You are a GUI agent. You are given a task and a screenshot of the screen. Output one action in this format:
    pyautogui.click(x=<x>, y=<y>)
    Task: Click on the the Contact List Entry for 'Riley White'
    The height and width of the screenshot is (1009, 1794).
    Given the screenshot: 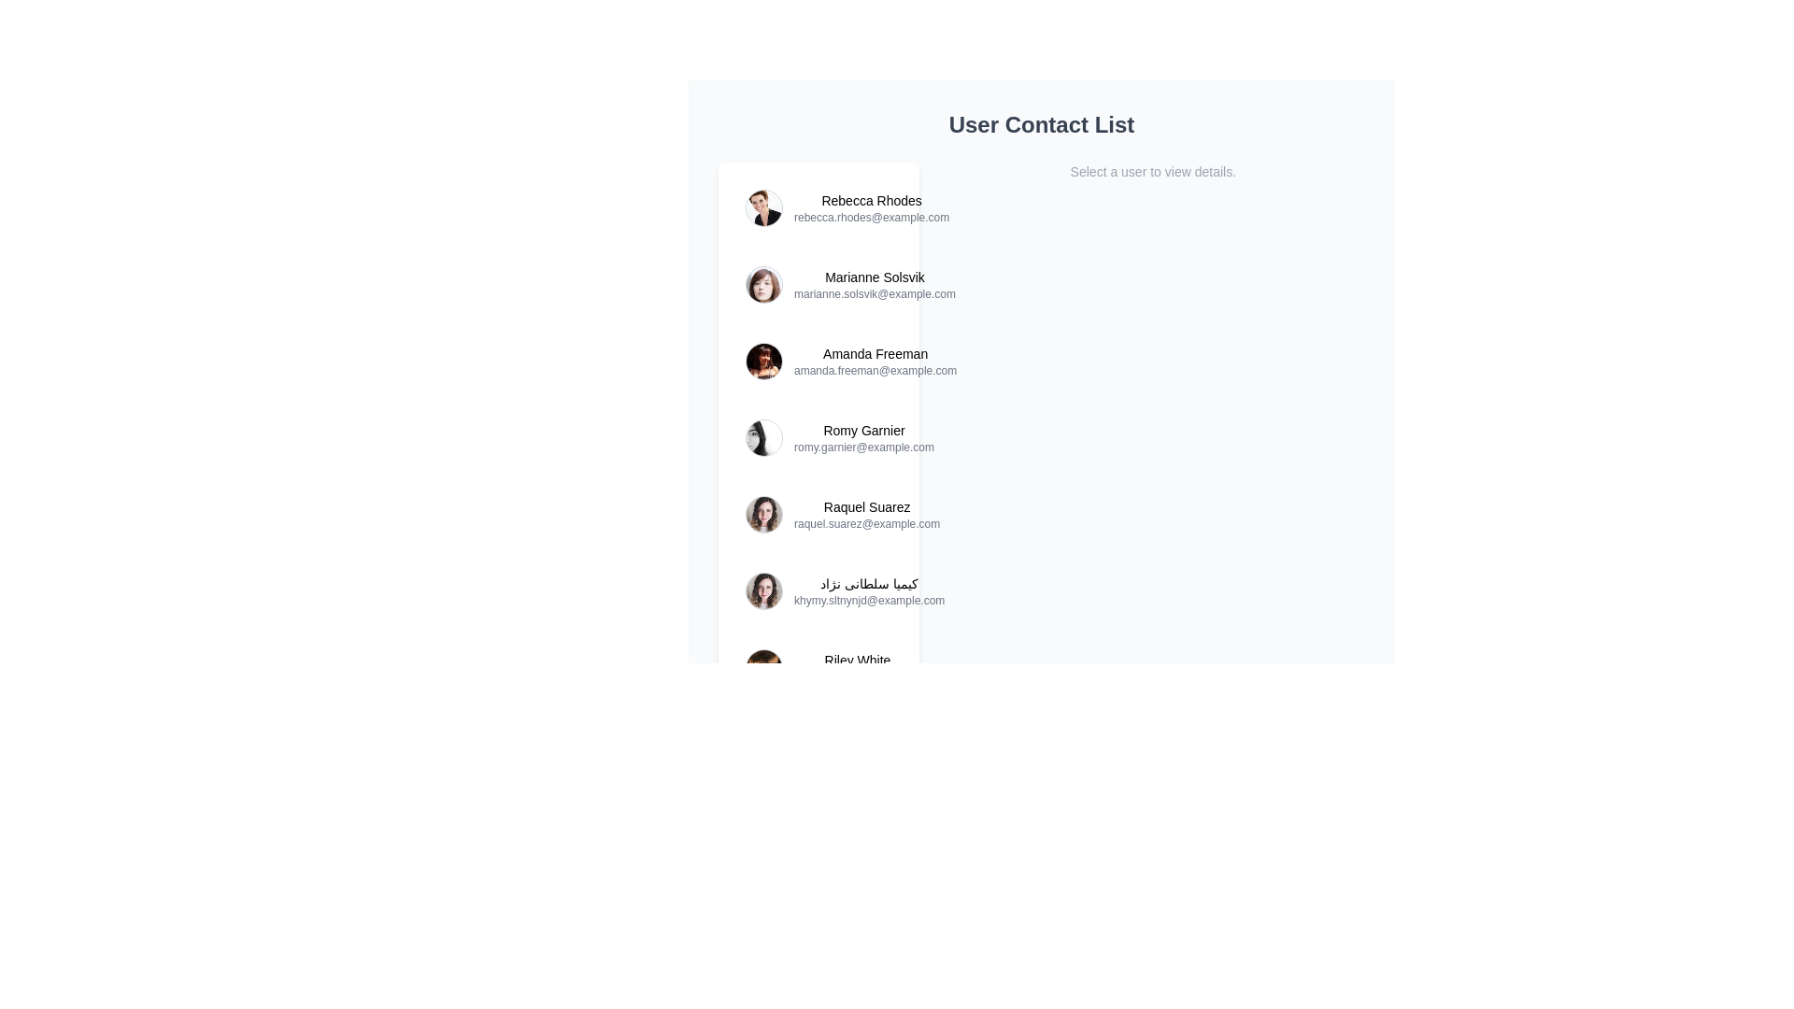 What is the action you would take?
    pyautogui.click(x=819, y=666)
    